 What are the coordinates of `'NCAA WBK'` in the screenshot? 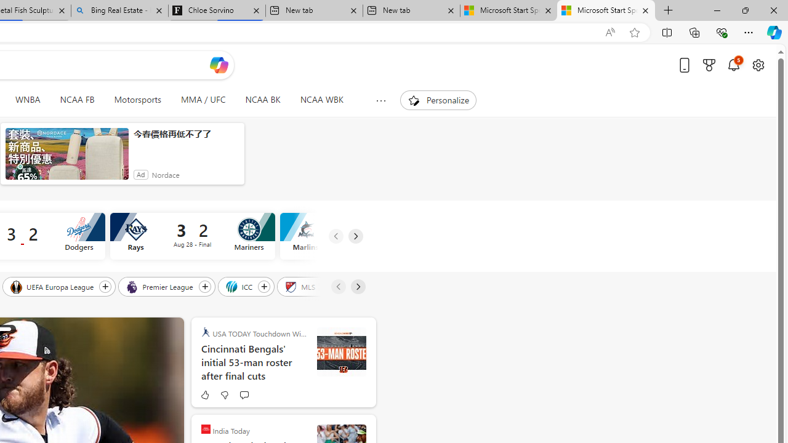 It's located at (321, 100).